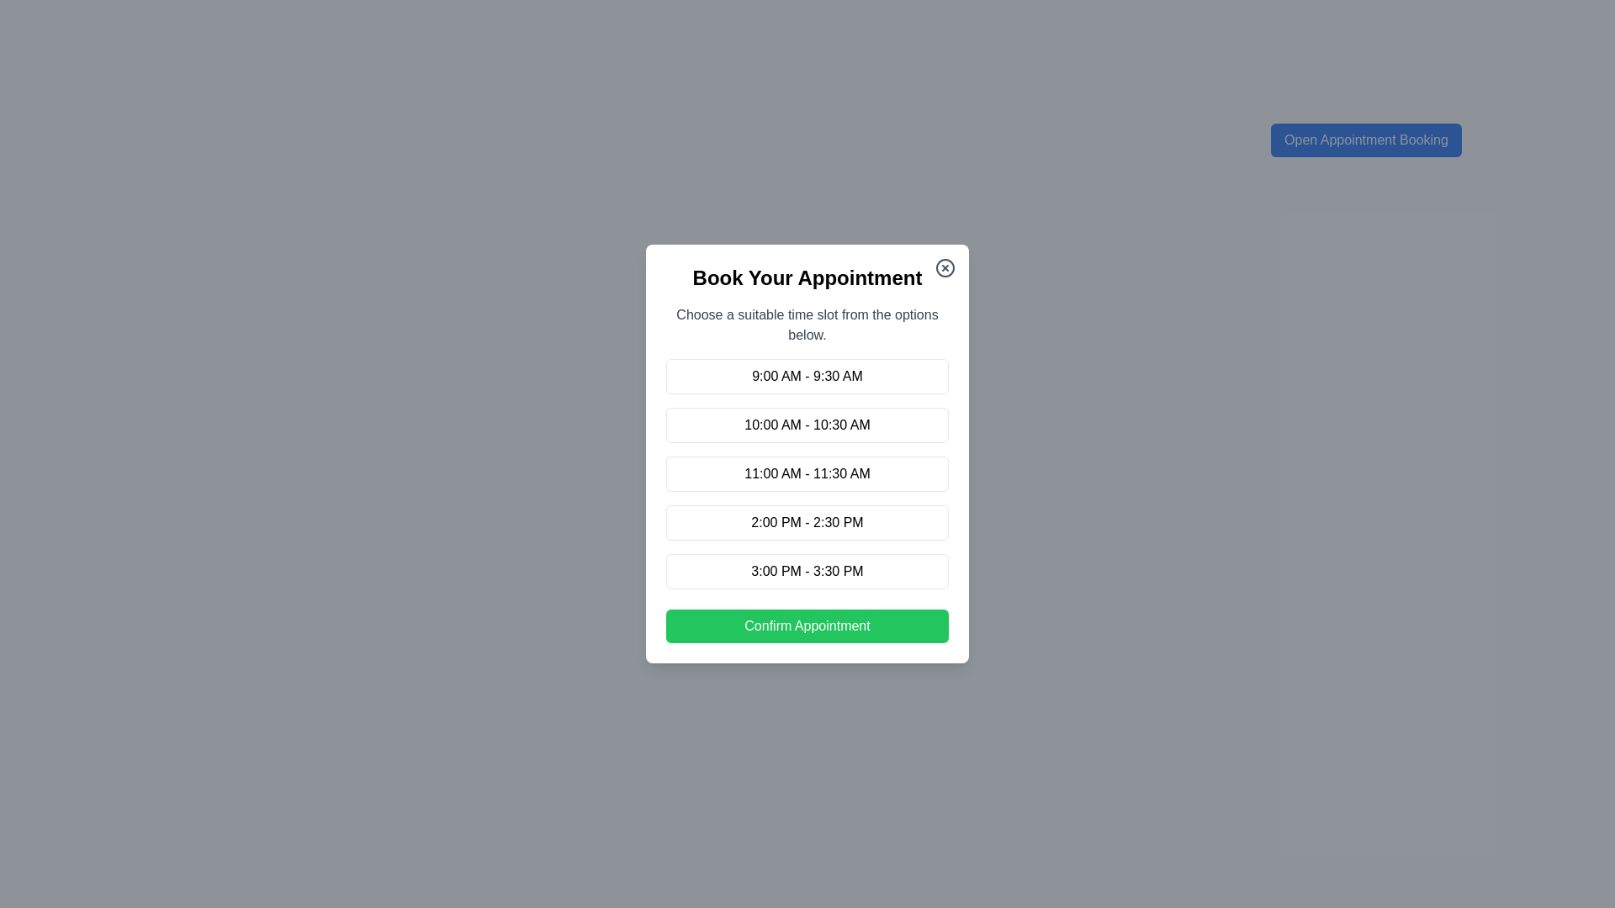 The width and height of the screenshot is (1615, 908). What do you see at coordinates (807, 521) in the screenshot?
I see `the text label displaying '2:00 PM - 2:30 PM' inside the fourth time slot box in the modal dialog` at bounding box center [807, 521].